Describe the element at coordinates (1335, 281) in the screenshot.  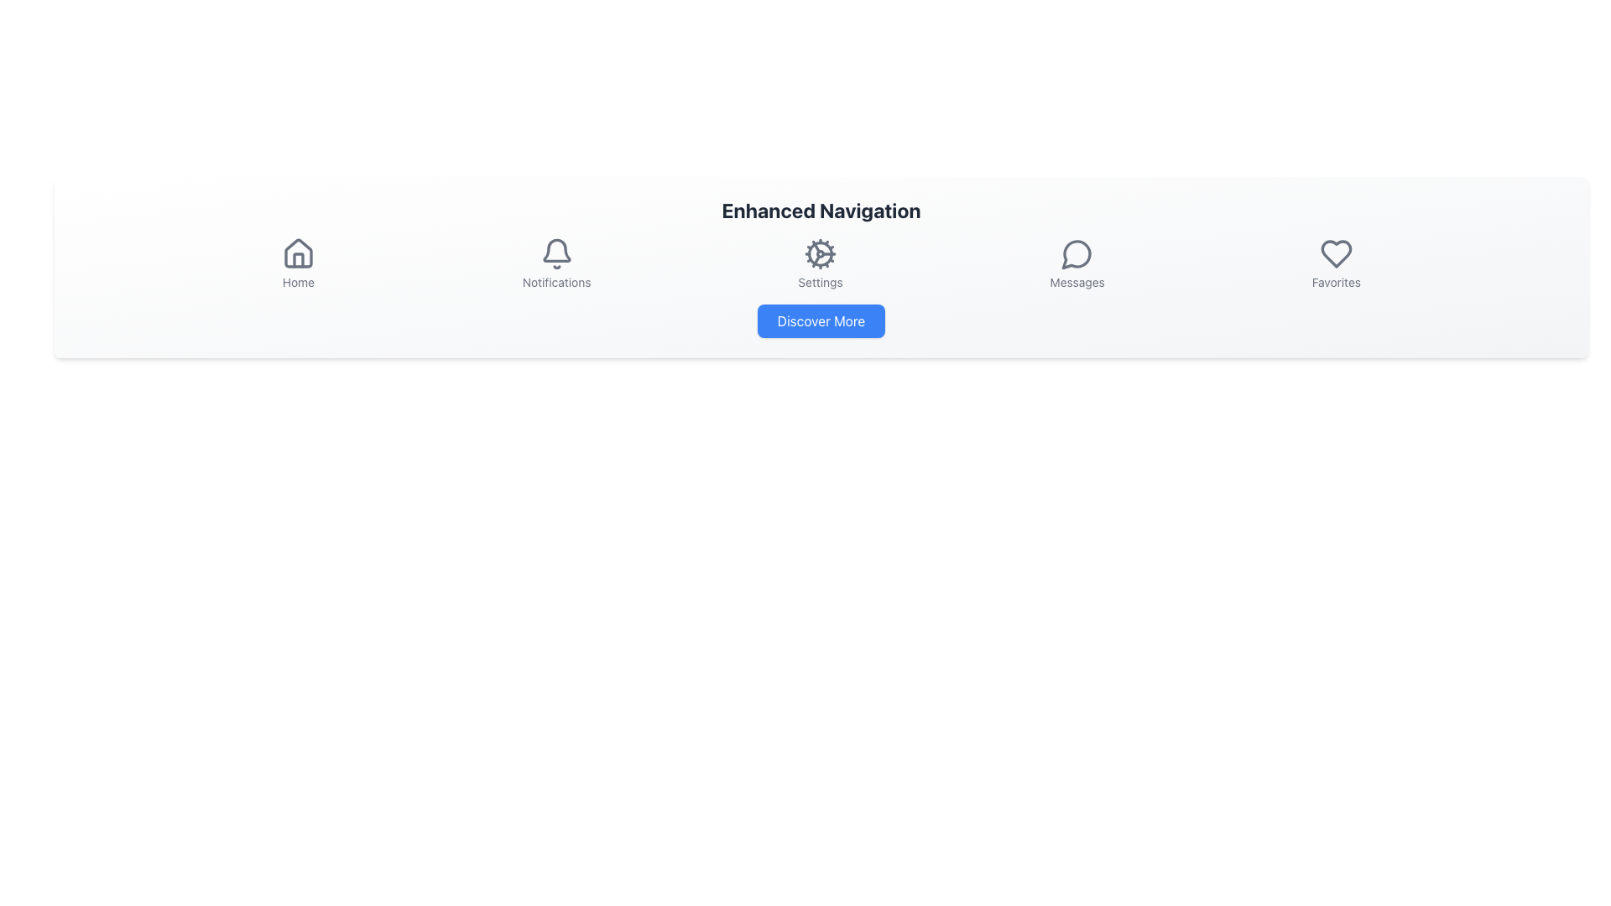
I see `text label 'Favorites' located directly under the heart icon in the navigation bar` at that location.